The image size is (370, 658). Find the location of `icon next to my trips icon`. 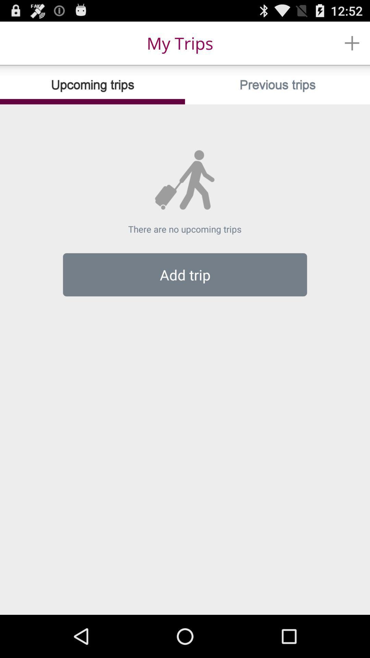

icon next to my trips icon is located at coordinates (352, 42).